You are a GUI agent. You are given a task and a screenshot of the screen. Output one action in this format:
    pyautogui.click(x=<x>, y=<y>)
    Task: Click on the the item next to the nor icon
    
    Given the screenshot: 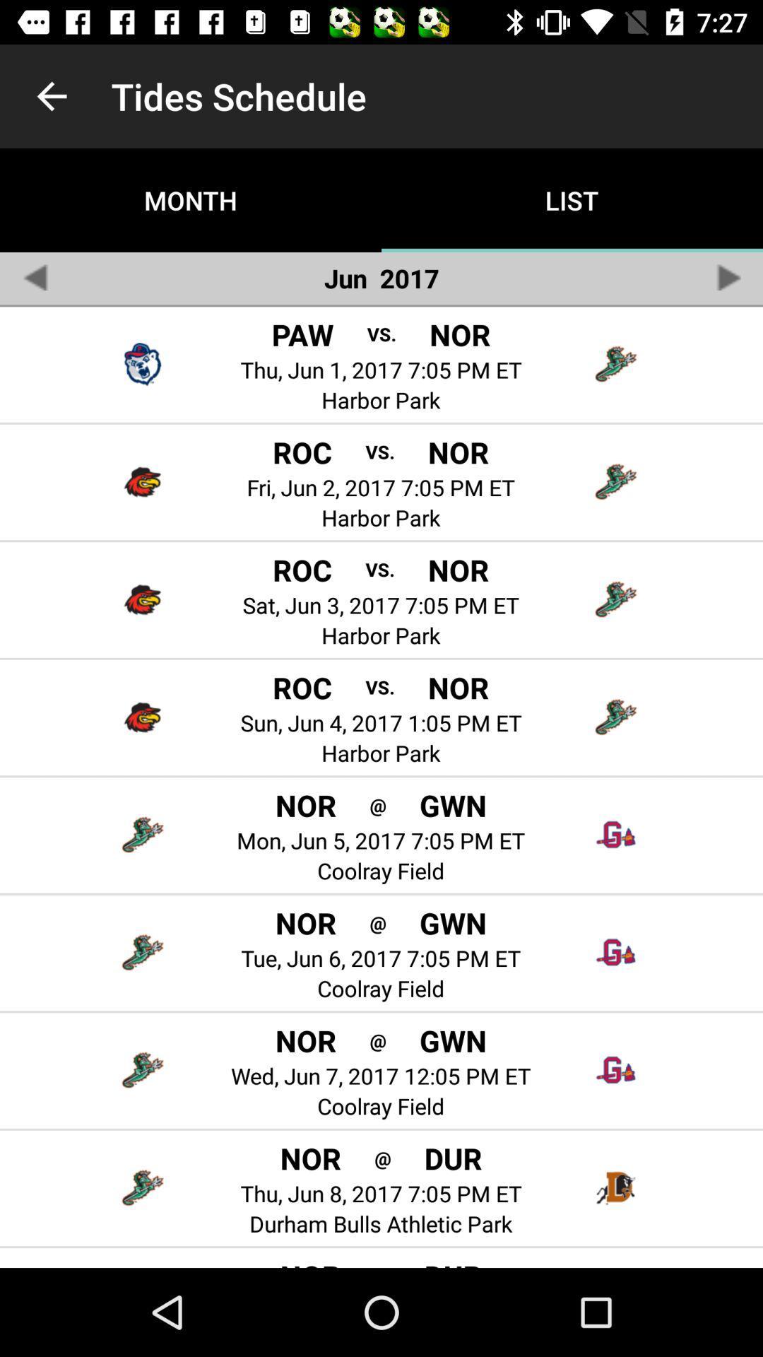 What is the action you would take?
    pyautogui.click(x=377, y=1040)
    